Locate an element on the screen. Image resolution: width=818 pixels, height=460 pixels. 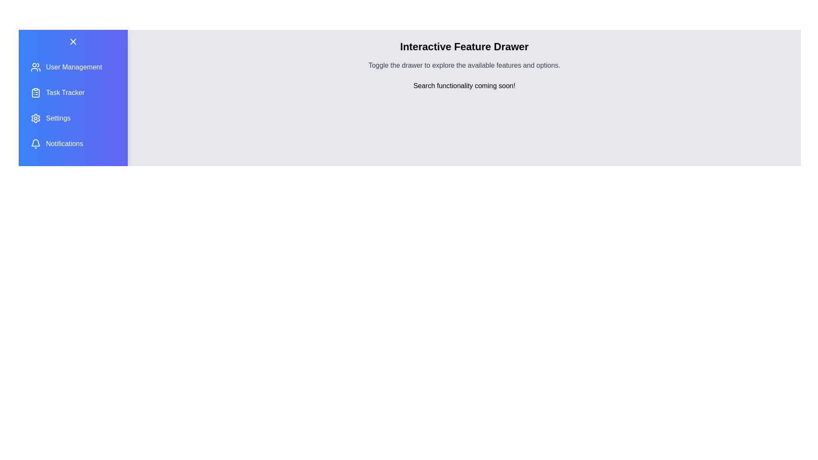
the feature item Settings to observe the hover effect is located at coordinates (73, 118).